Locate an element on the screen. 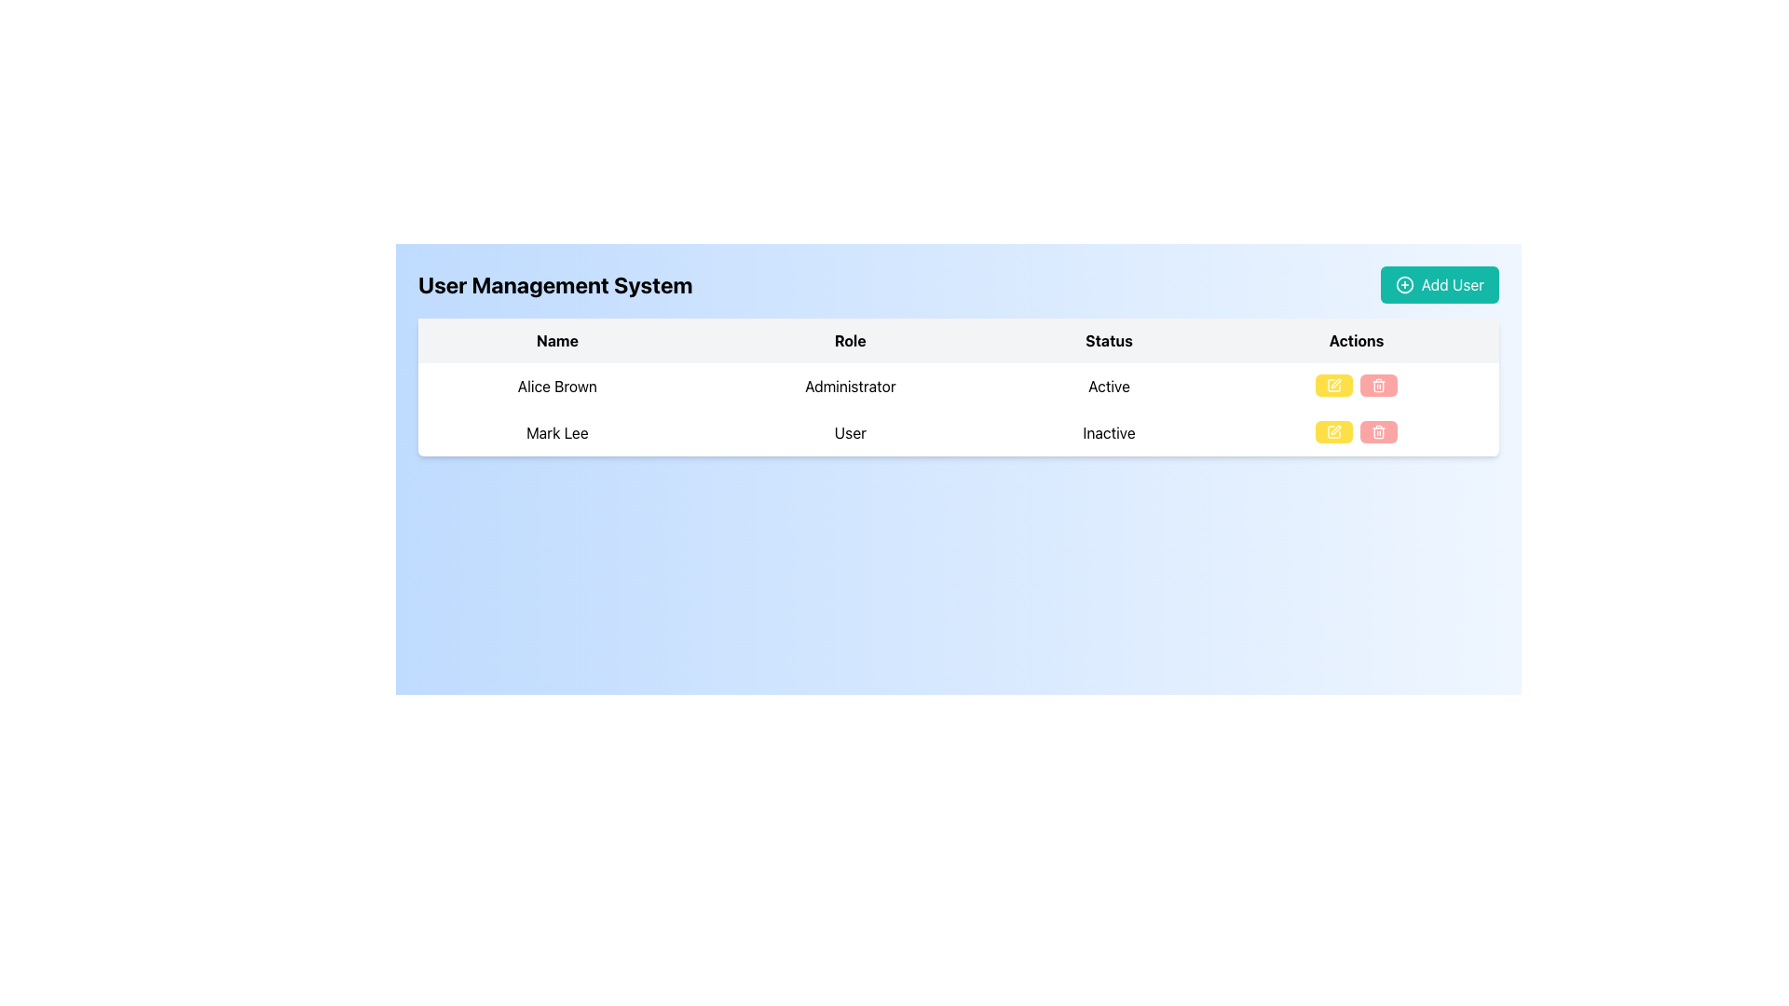 This screenshot has height=1006, width=1789. the text label displaying 'Alice Brown' in the first column of the data table under the 'Name' header is located at coordinates (556, 386).